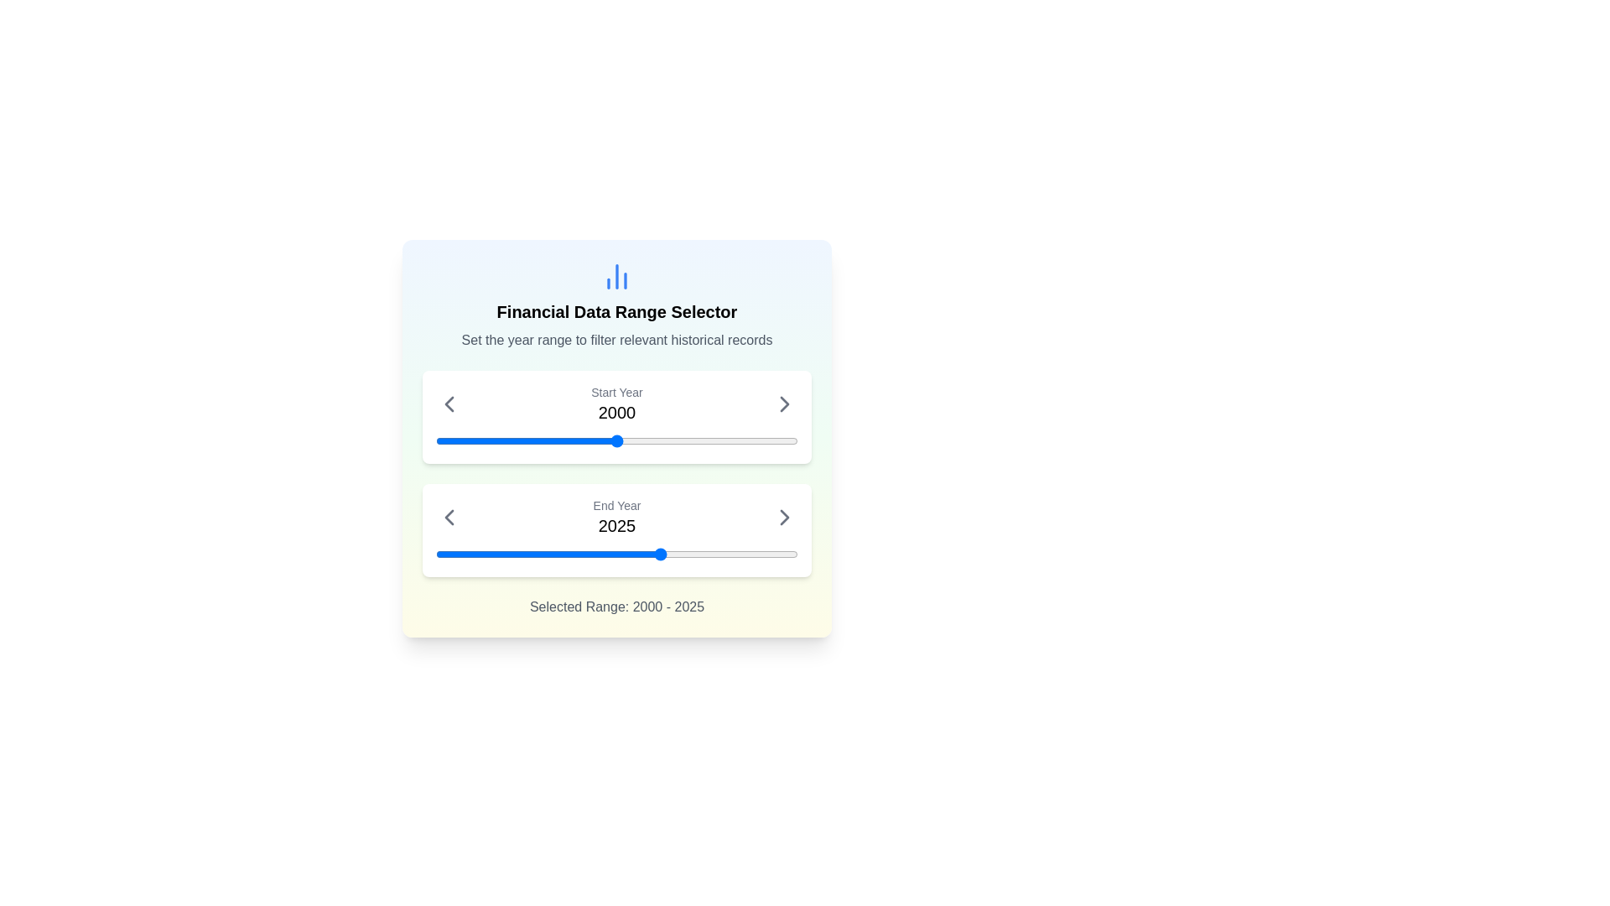 The image size is (1610, 906). I want to click on the Text label that displays the current selected start year for a financial data range selector, located between two arrow icons, so click(615, 404).